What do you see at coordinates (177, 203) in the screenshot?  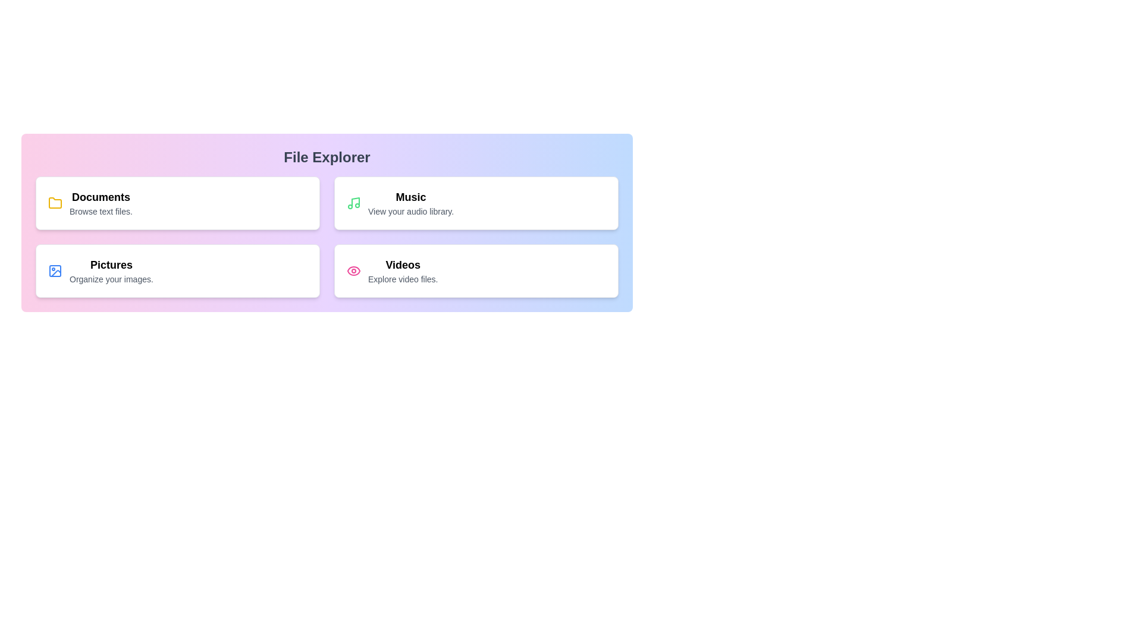 I see `the menu item Documents to highlight it` at bounding box center [177, 203].